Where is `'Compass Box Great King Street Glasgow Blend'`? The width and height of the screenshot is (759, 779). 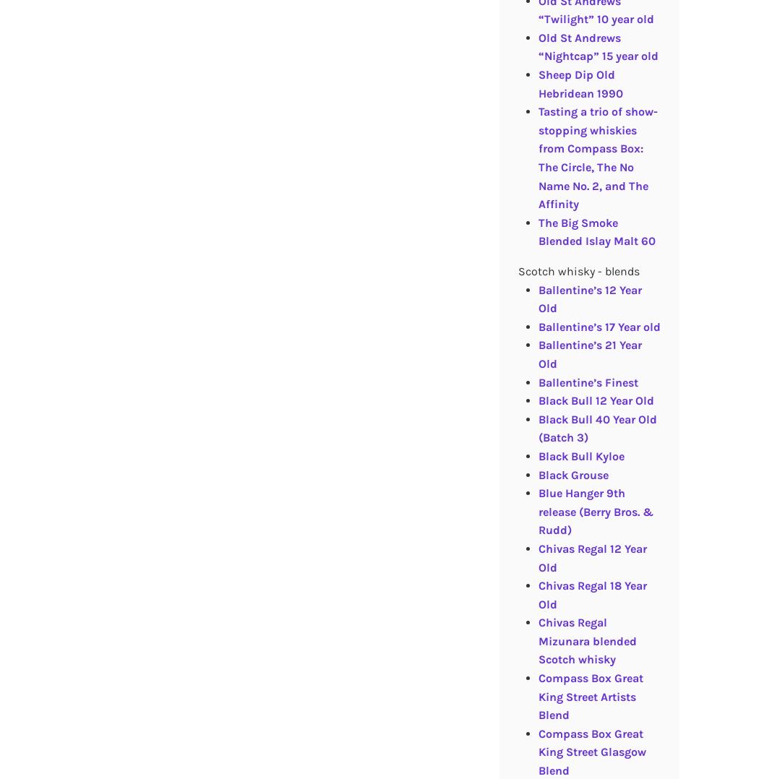 'Compass Box Great King Street Glasgow Blend' is located at coordinates (591, 752).